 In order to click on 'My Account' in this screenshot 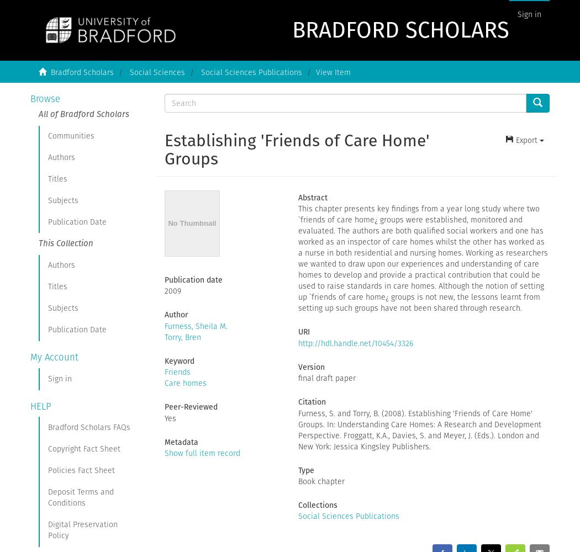, I will do `click(54, 357)`.